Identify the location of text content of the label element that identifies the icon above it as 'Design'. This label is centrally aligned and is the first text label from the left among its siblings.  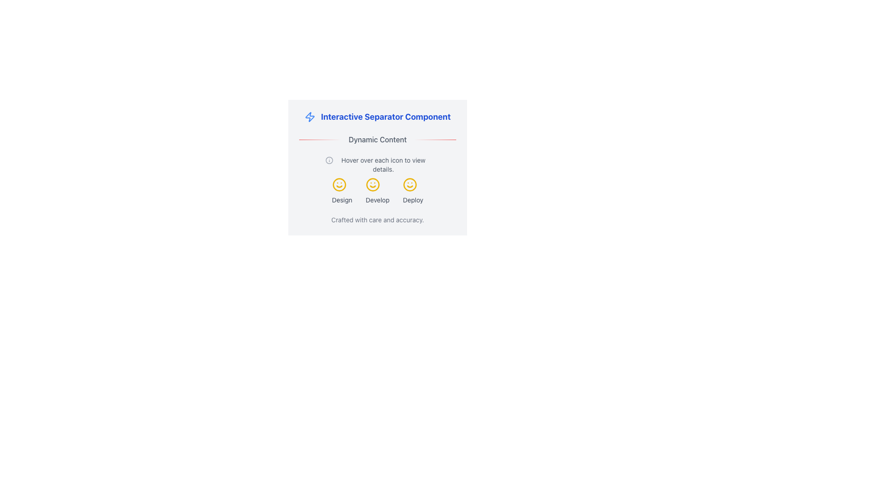
(342, 200).